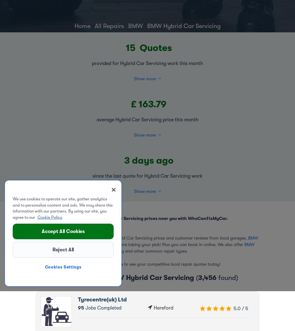 This screenshot has width=295, height=331. I want to click on 'Top garages for', so click(81, 277).